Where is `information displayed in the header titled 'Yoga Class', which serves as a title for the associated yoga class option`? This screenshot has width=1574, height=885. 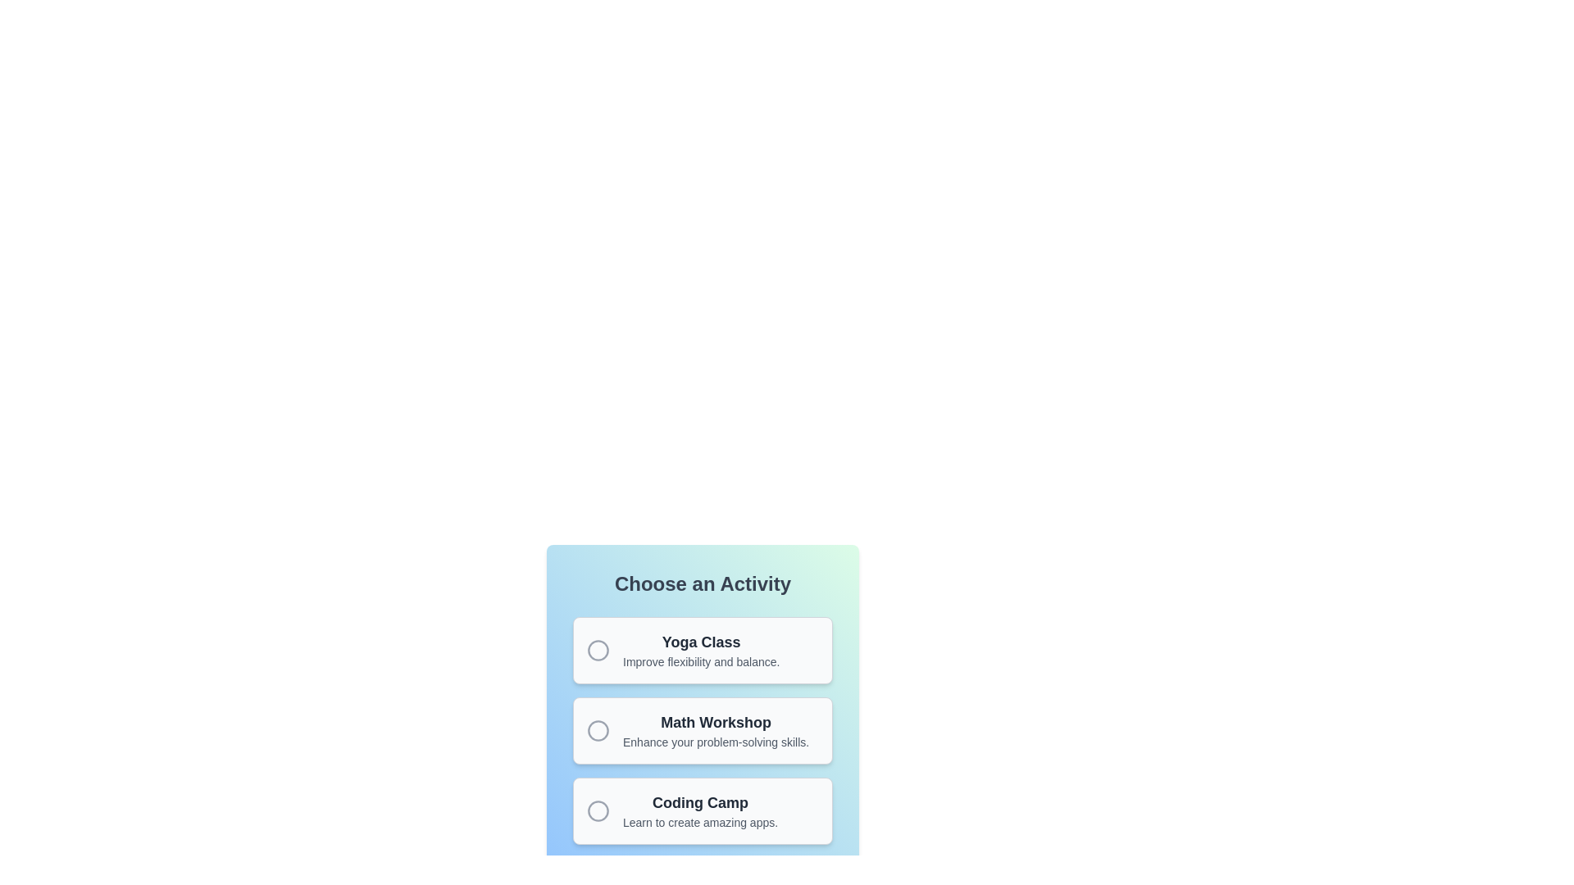 information displayed in the header titled 'Yoga Class', which serves as a title for the associated yoga class option is located at coordinates (701, 641).